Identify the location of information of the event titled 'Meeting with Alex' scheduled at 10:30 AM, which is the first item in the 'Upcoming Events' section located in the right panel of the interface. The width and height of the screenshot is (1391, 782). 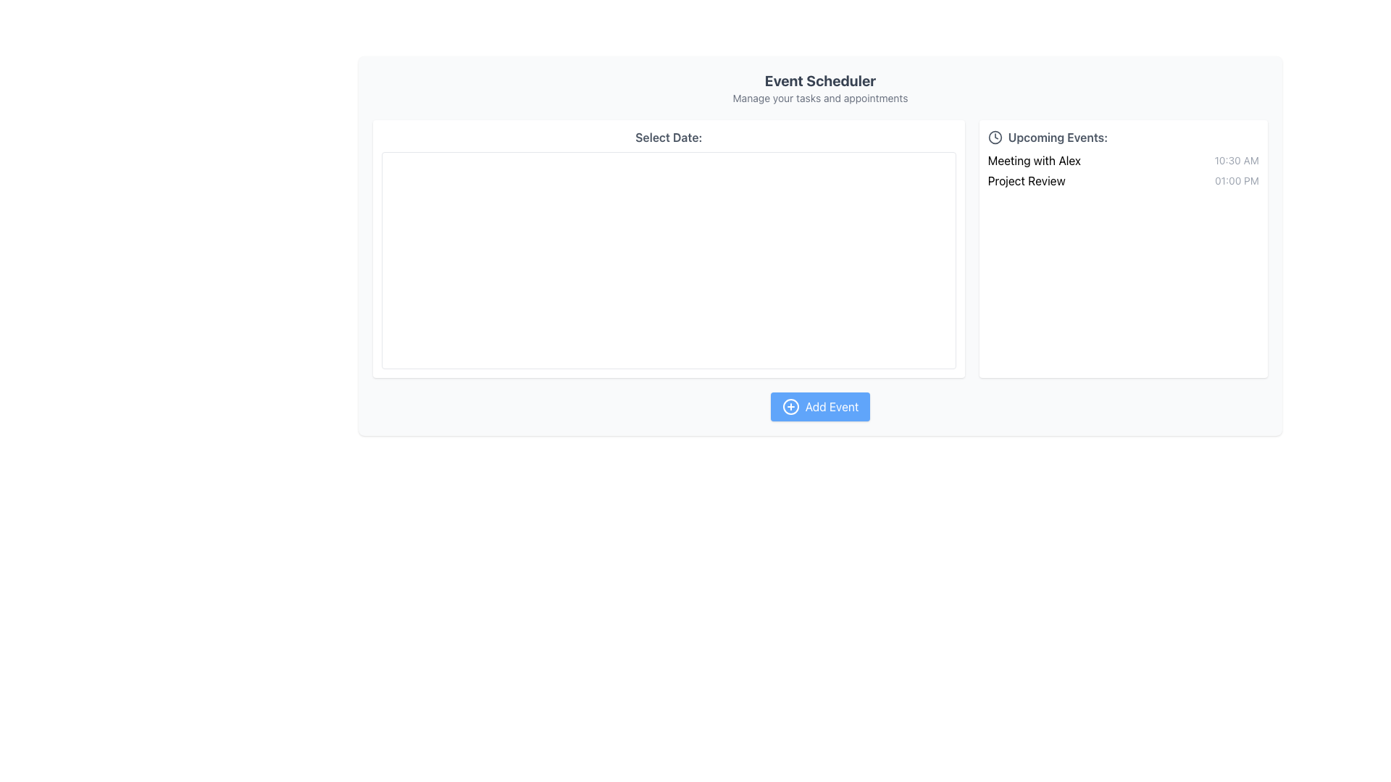
(1122, 161).